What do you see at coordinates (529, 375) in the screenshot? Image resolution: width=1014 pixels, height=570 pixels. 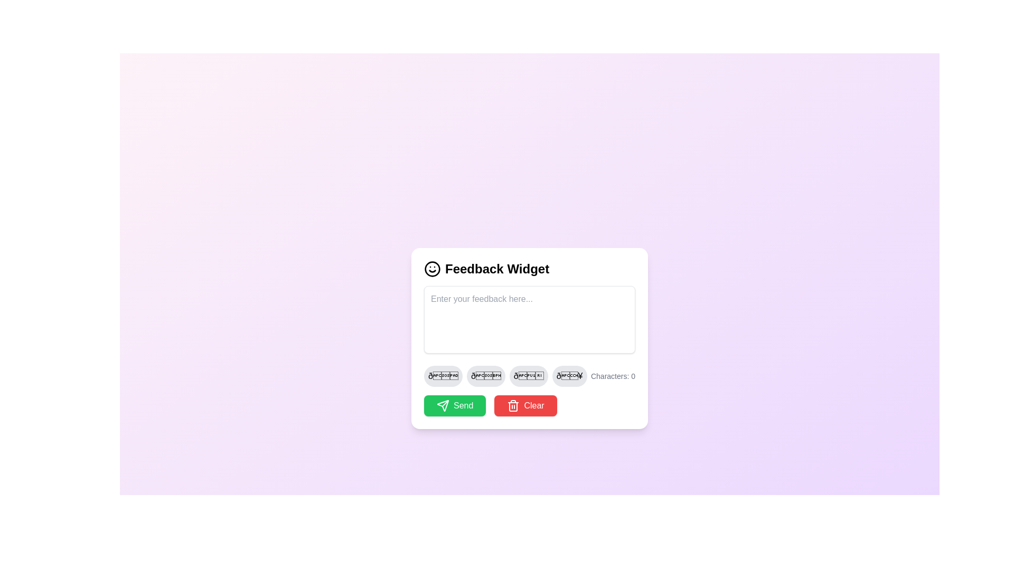 I see `the third interactive button with a thumbs-up emoji located below the feedback input area` at bounding box center [529, 375].